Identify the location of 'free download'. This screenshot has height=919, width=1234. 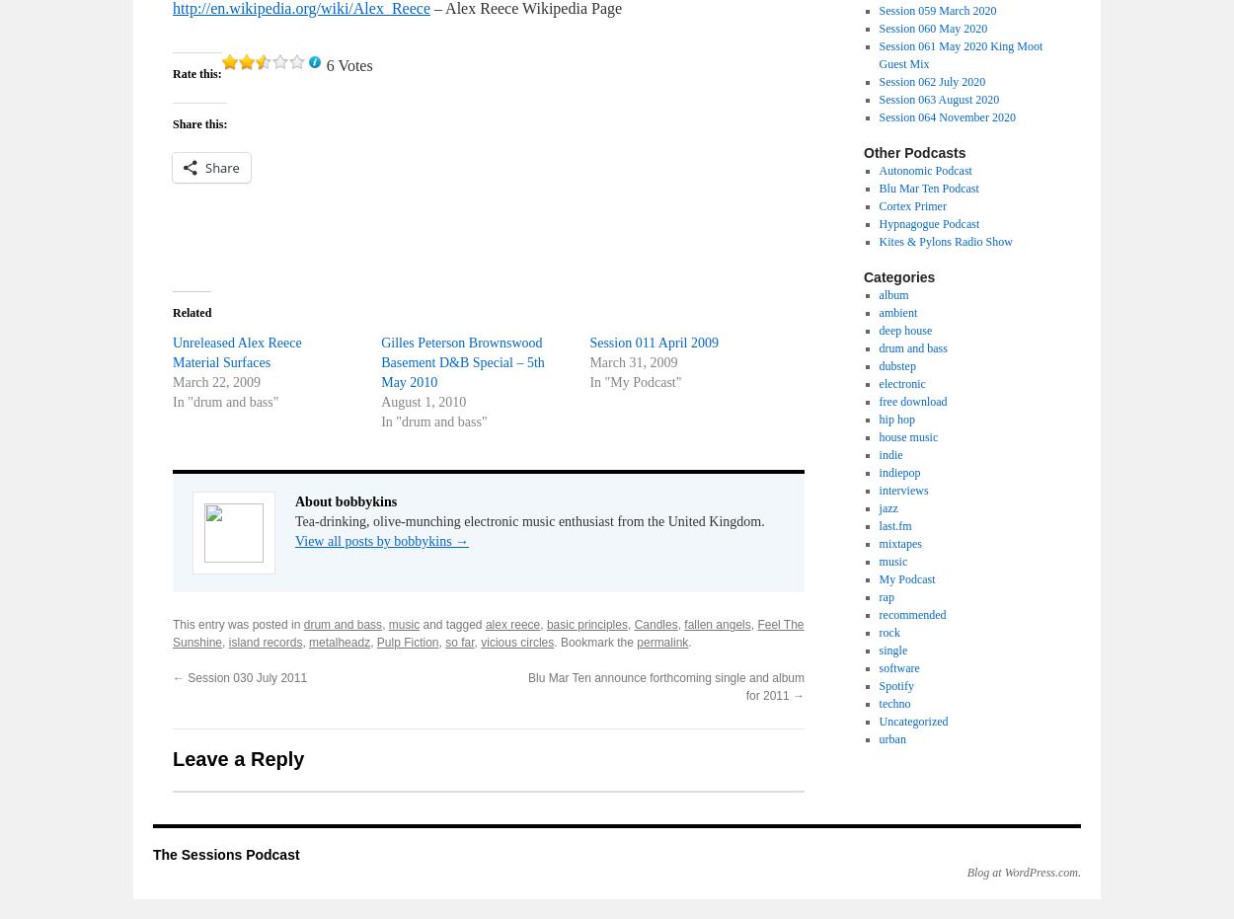
(912, 401).